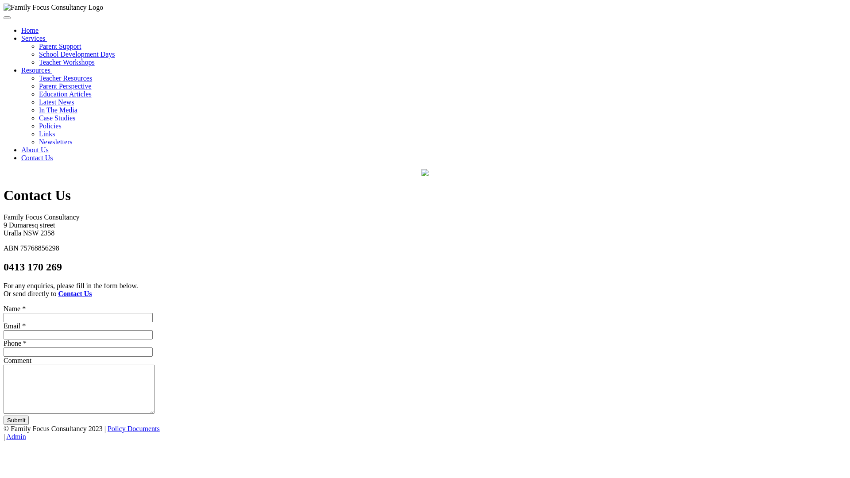 This screenshot has height=478, width=850. Describe the element at coordinates (34, 38) in the screenshot. I see `'Services '` at that location.